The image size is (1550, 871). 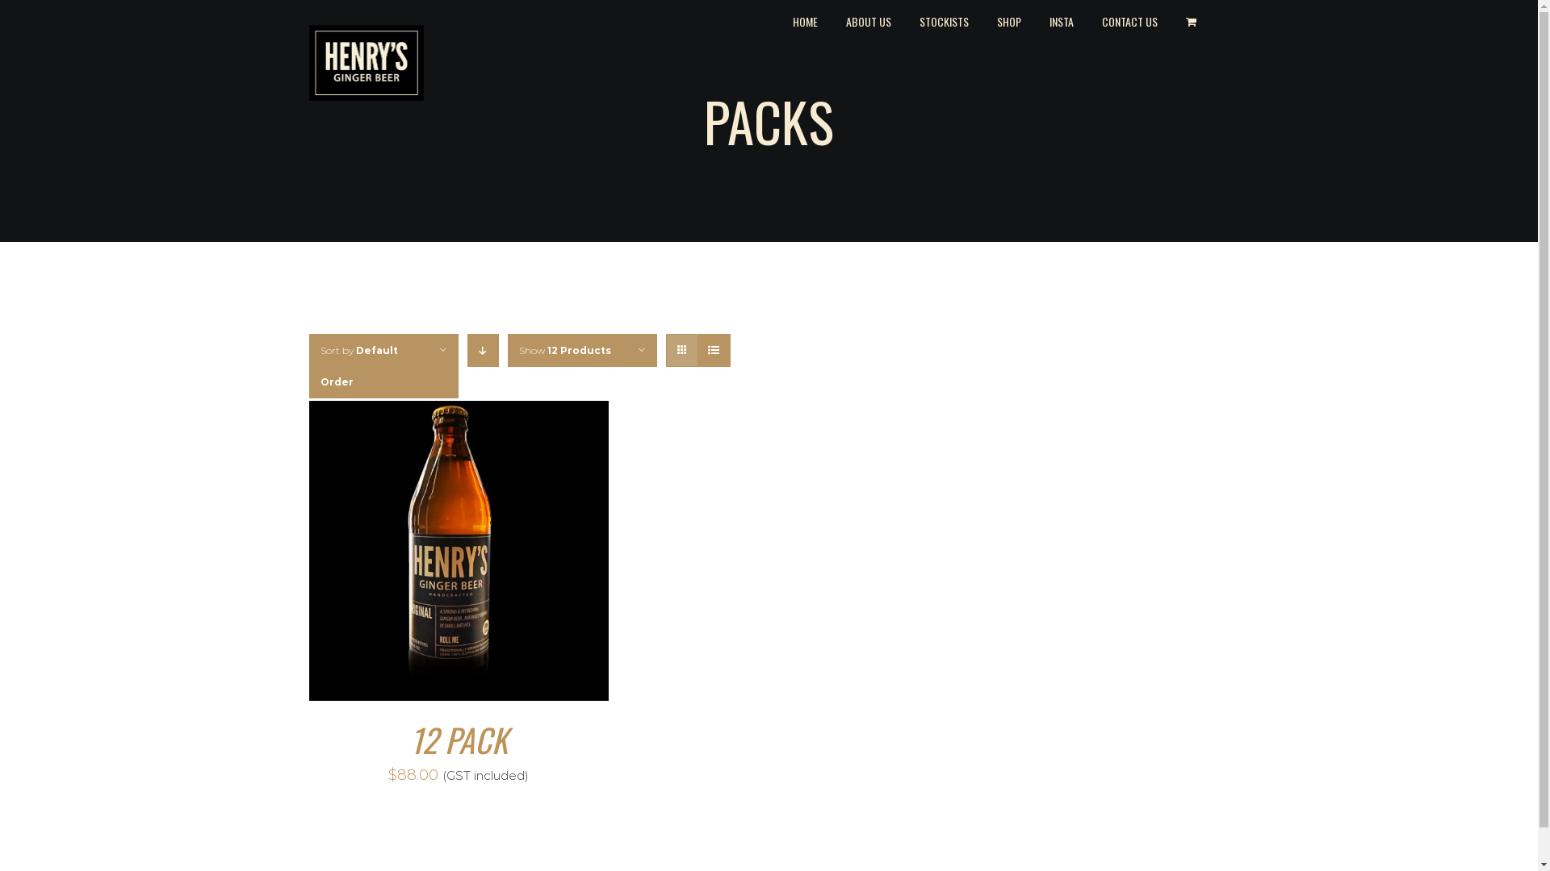 What do you see at coordinates (1062, 19) in the screenshot?
I see `'INSTA'` at bounding box center [1062, 19].